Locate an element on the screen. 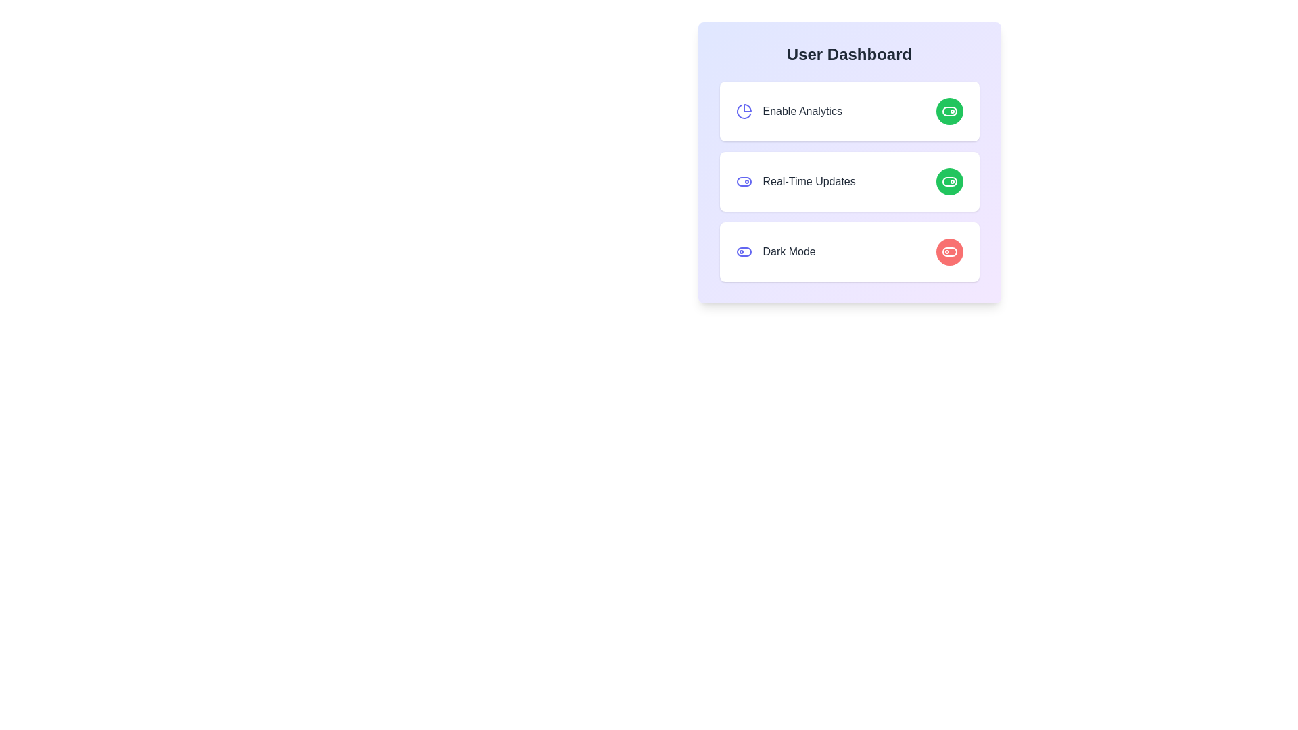 Image resolution: width=1298 pixels, height=730 pixels. the Toggle button located on the right side of the 'Enable Analytics' card in the 'User Dashboard' interface is located at coordinates (948, 111).